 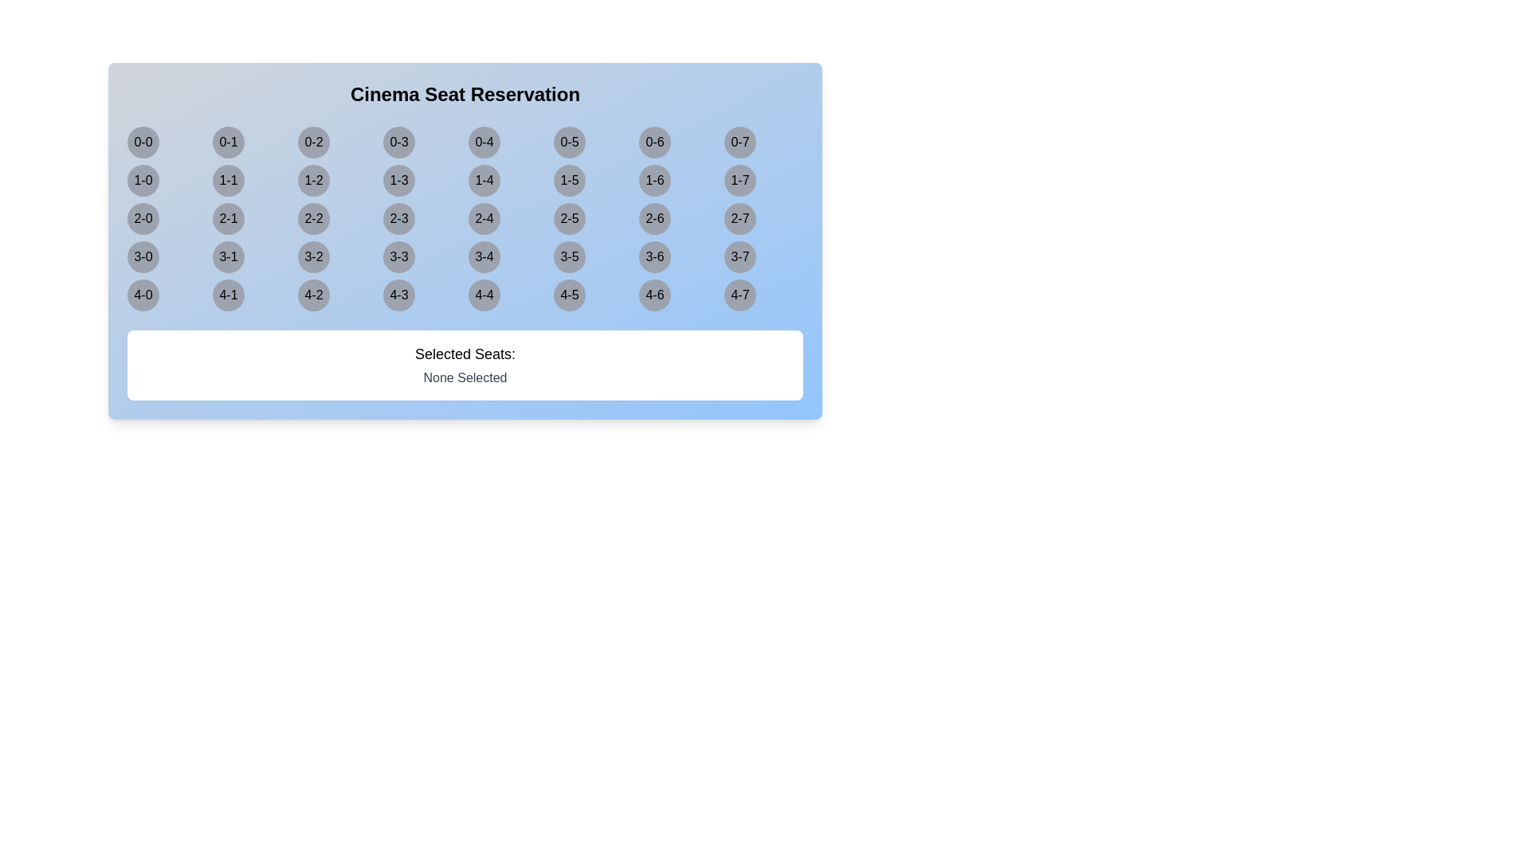 I want to click on the button representing the selectable seat in the cinema seat selection interface, so click(x=484, y=180).